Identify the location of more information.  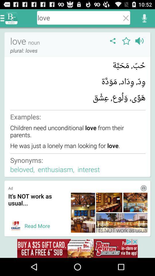
(143, 188).